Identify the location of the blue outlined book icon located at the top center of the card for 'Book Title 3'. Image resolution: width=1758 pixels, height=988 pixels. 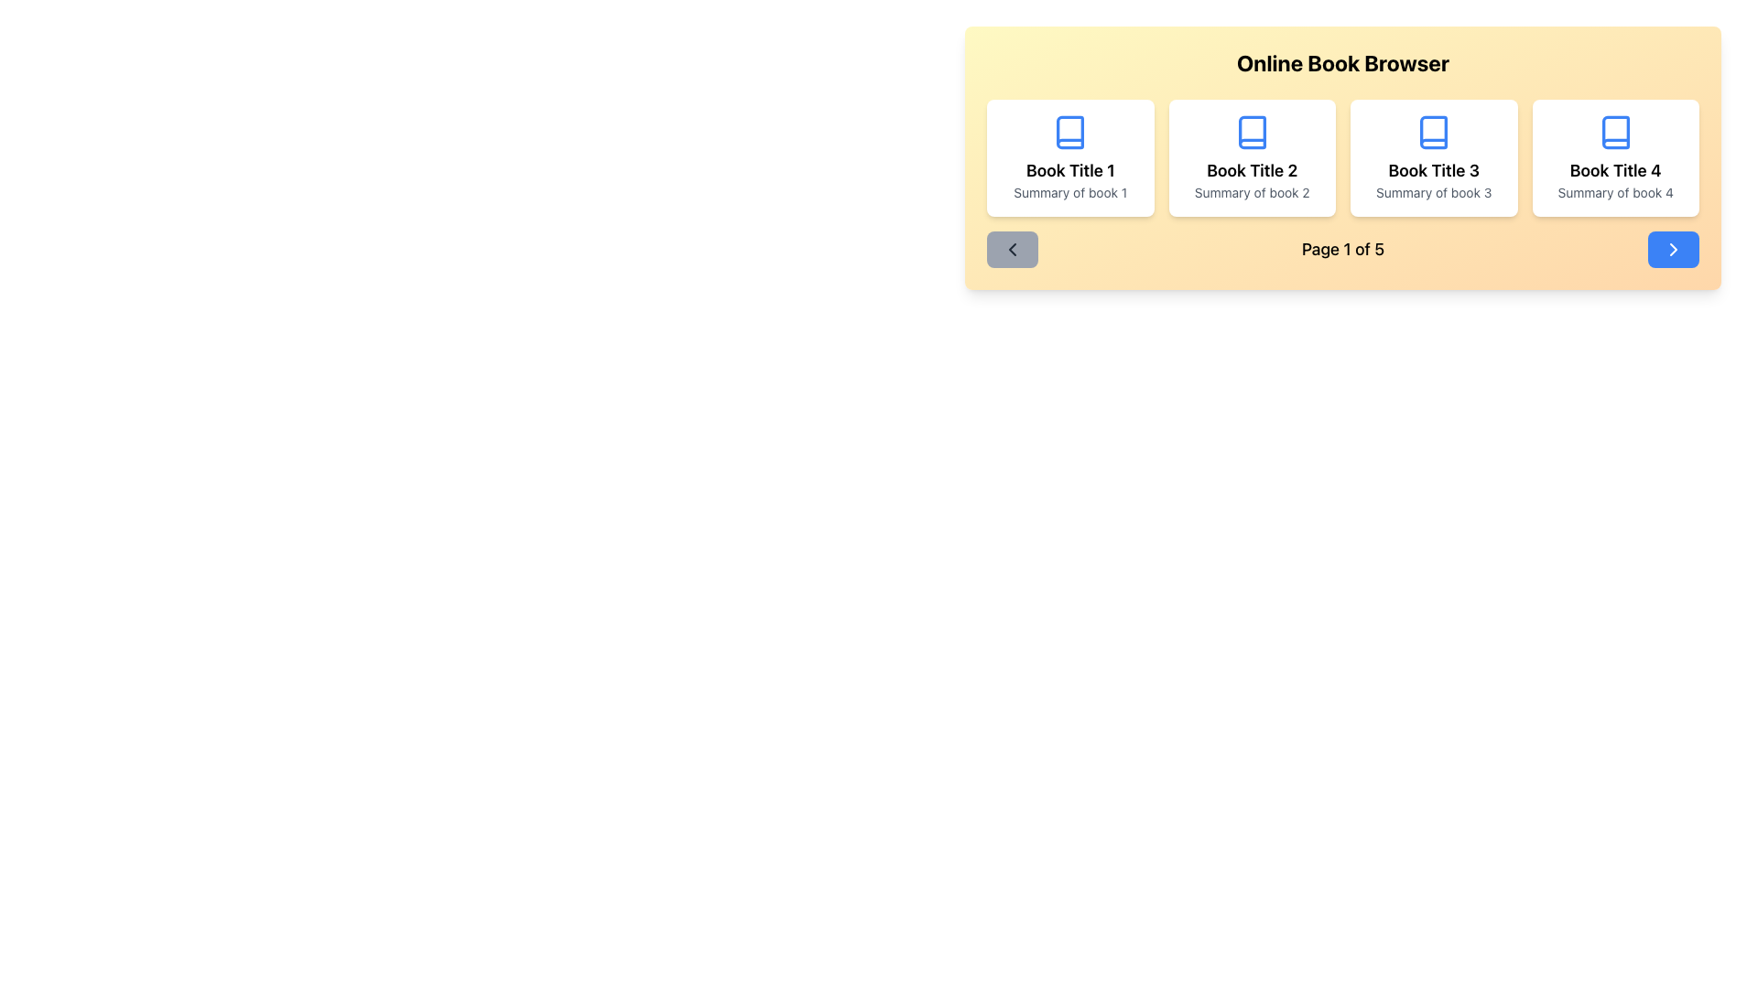
(1433, 132).